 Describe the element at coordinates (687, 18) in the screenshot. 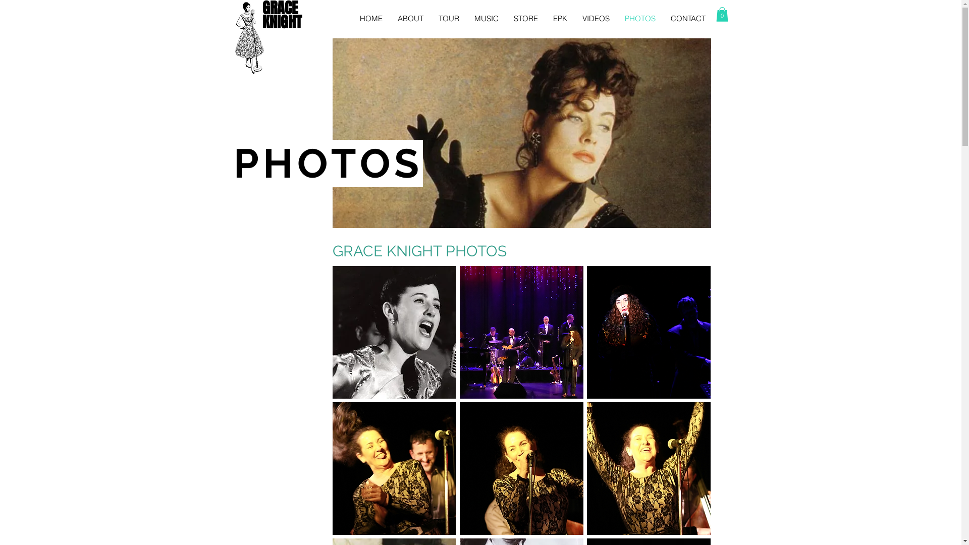

I see `'CONTACT'` at that location.